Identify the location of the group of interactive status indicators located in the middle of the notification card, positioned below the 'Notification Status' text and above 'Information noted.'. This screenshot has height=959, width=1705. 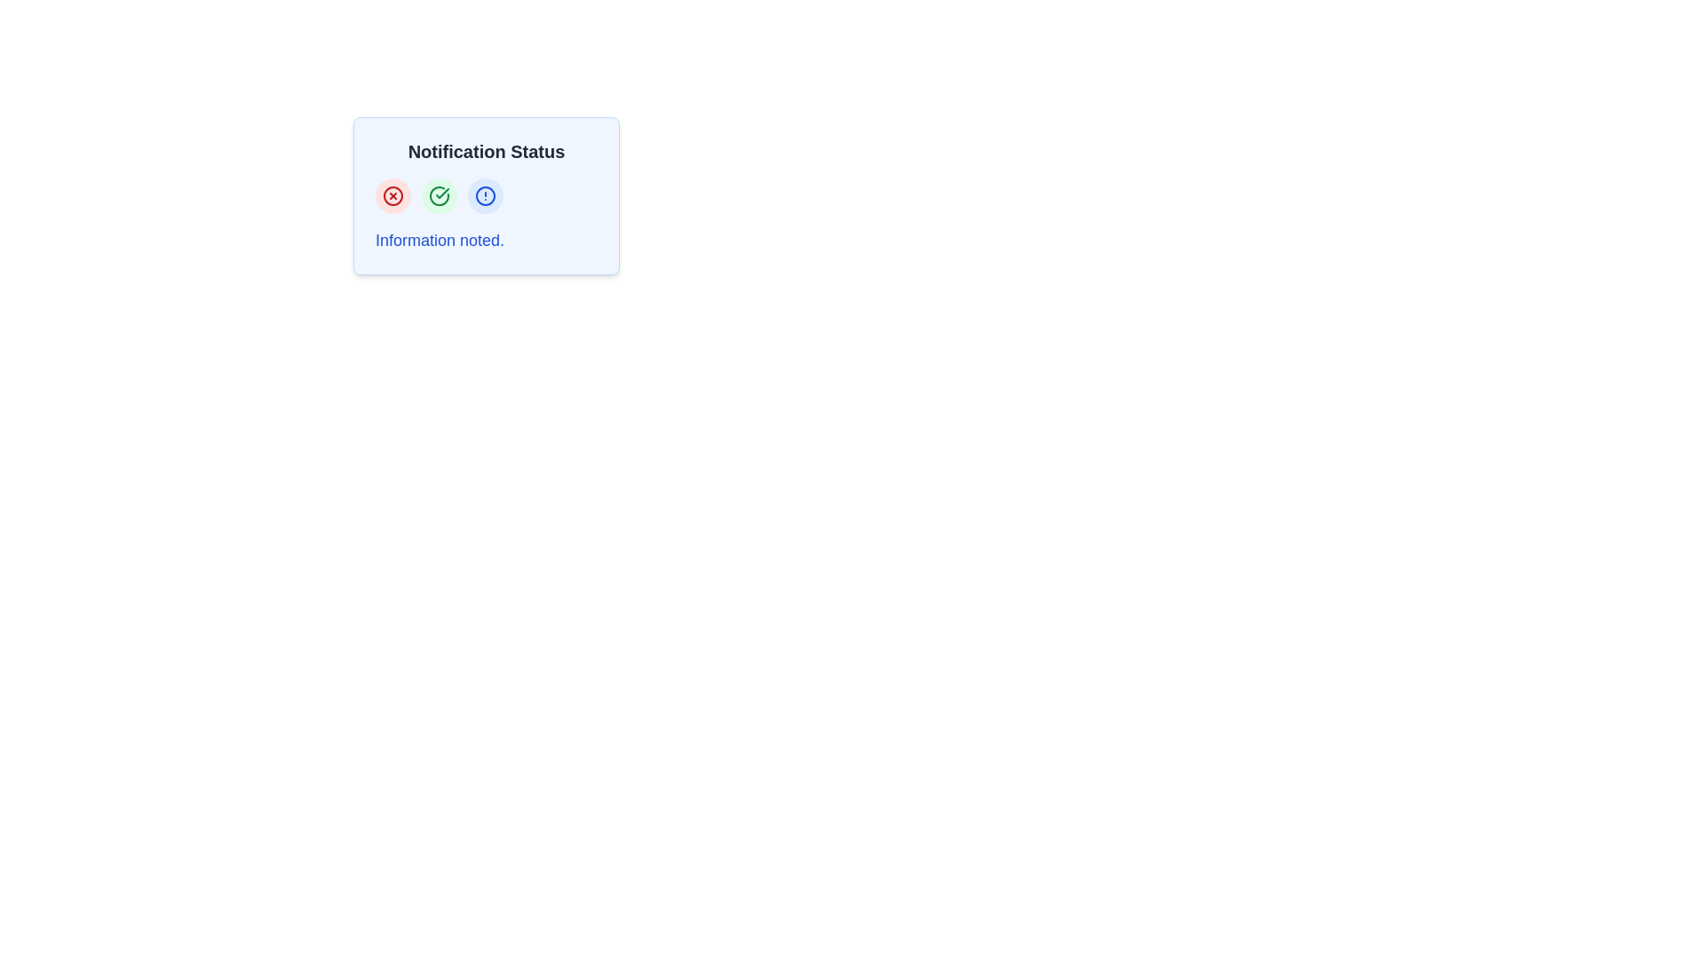
(486, 195).